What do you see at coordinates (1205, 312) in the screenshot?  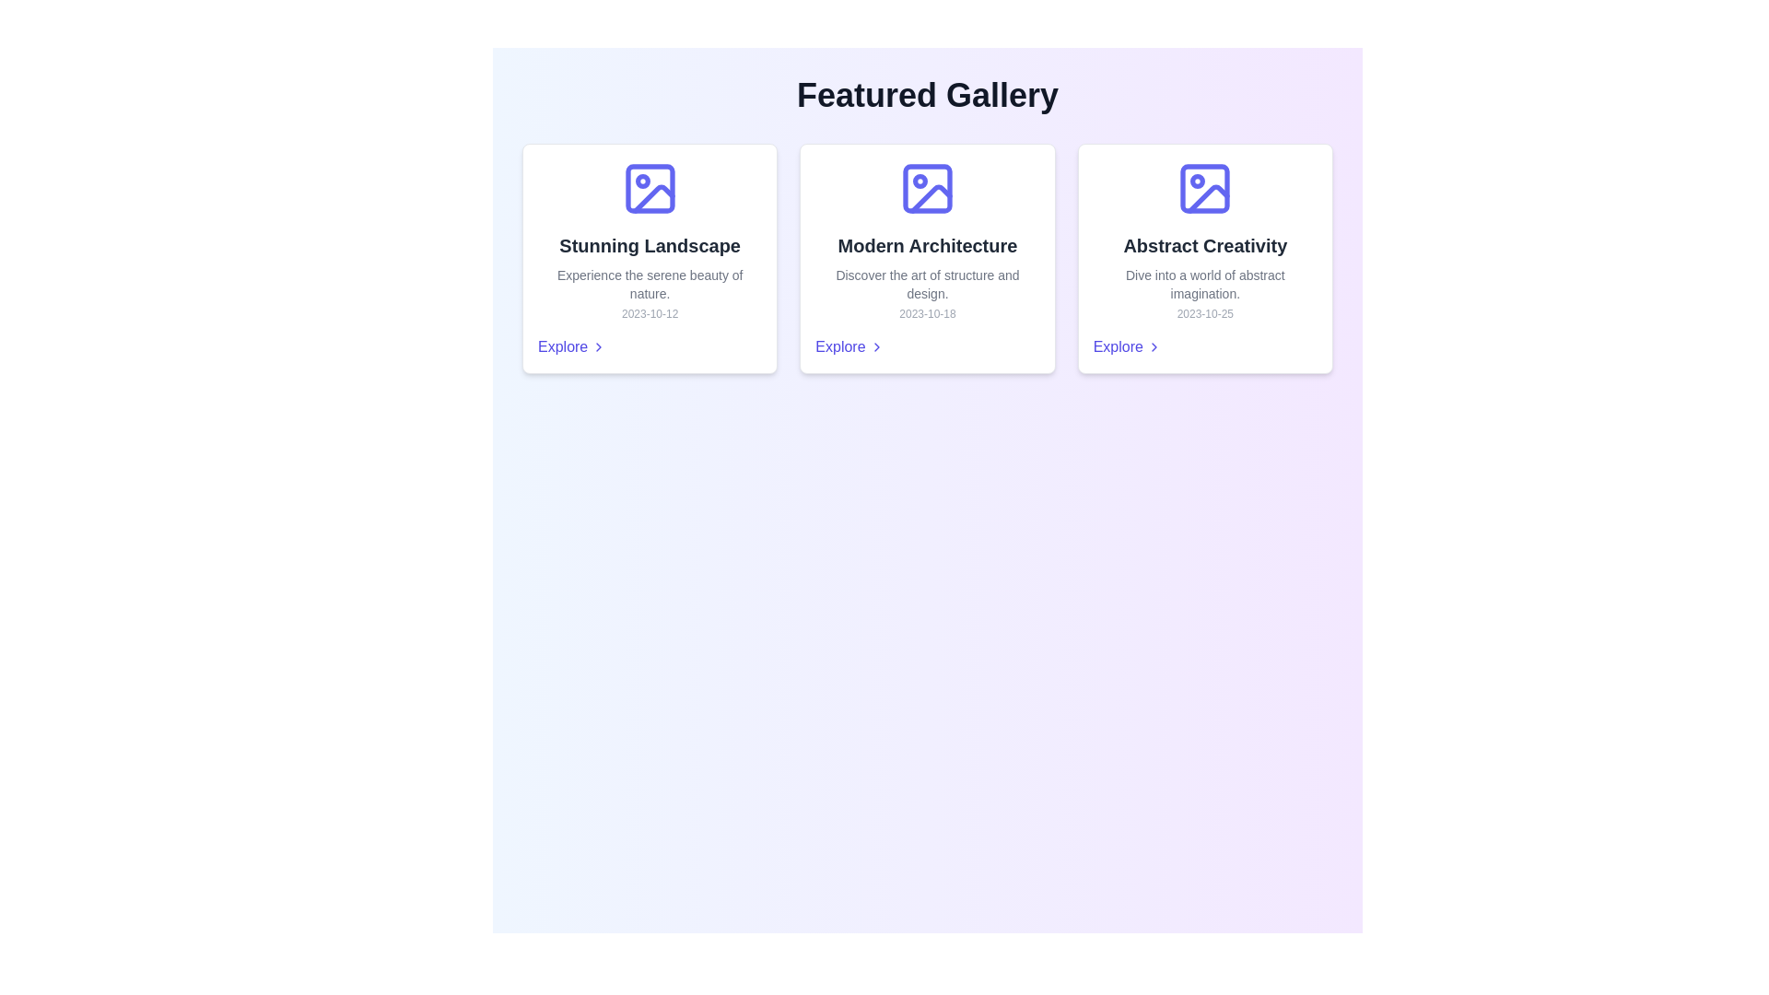 I see `the text label that displays the publication or feature date, located at the bottom of the 'Abstract Creativity' card, just above the 'Explore' link` at bounding box center [1205, 312].